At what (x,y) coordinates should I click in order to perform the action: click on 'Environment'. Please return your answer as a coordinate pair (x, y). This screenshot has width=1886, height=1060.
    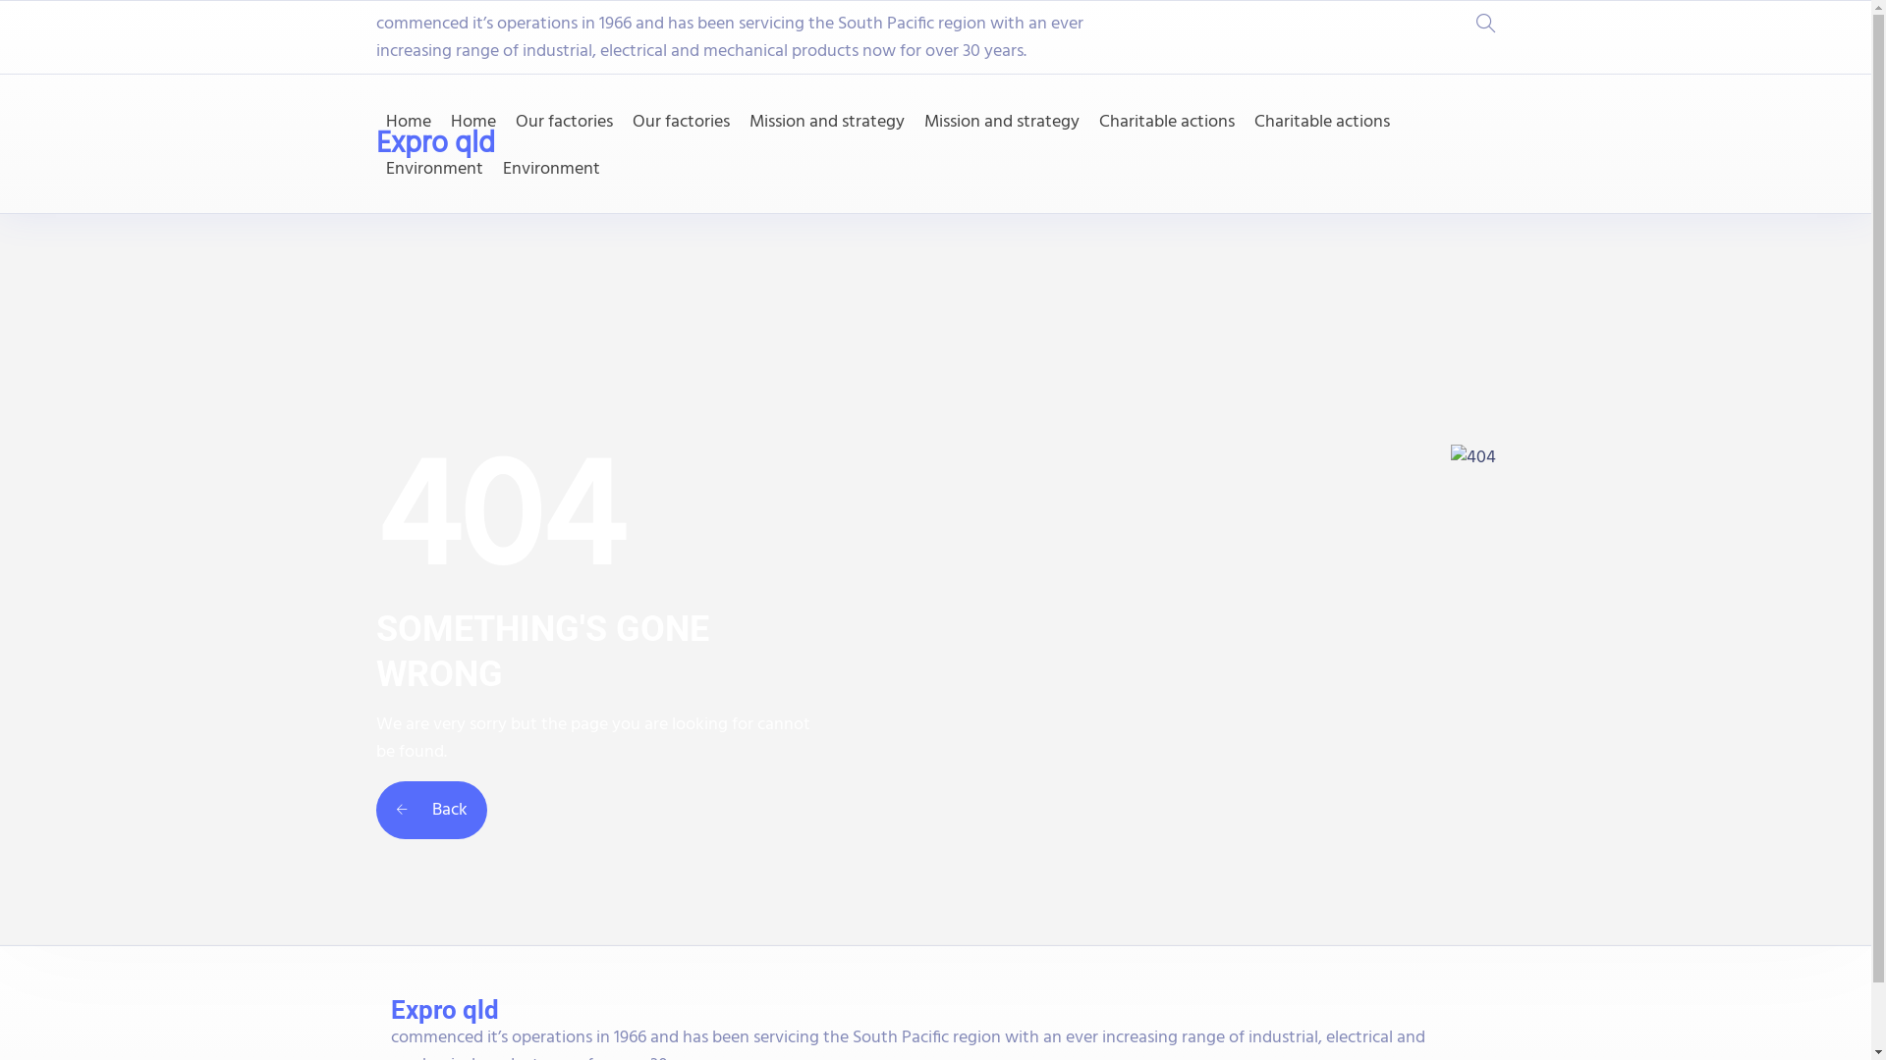
    Looking at the image, I should click on (432, 169).